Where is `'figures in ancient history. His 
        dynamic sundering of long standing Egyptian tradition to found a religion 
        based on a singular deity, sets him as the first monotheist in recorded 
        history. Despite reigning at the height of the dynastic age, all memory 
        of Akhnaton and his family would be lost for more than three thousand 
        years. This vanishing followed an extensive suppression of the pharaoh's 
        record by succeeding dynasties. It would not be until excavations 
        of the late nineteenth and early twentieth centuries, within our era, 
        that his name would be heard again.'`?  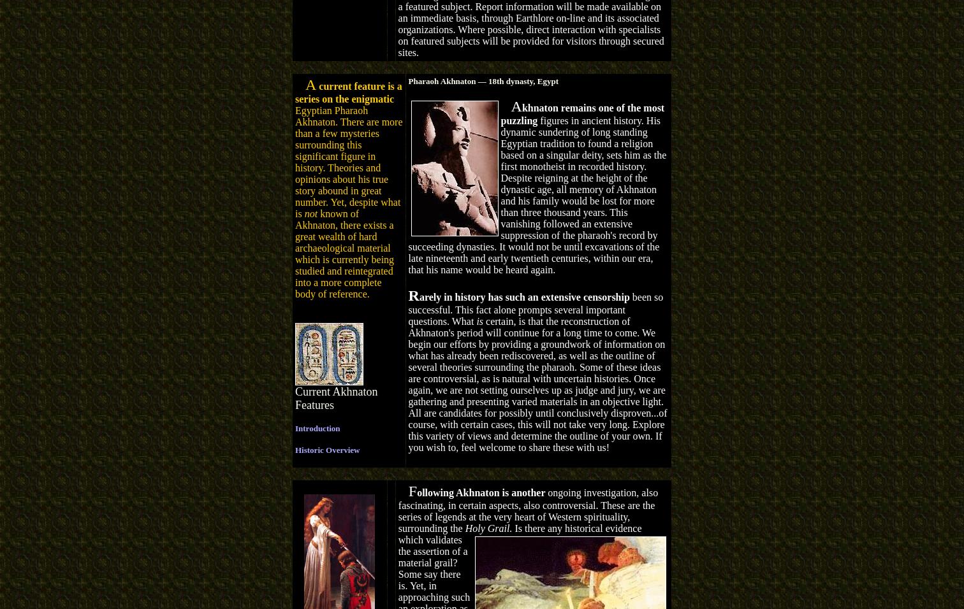 'figures in ancient history. His 
        dynamic sundering of long standing Egyptian tradition to found a religion 
        based on a singular deity, sets him as the first monotheist in recorded 
        history. Despite reigning at the height of the dynastic age, all memory 
        of Akhnaton and his family would be lost for more than three thousand 
        years. This vanishing followed an extensive suppression of the pharaoh's 
        record by succeeding dynasties. It would not be until excavations 
        of the late nineteenth and early twentieth centuries, within our era, 
        that his name would be heard again.' is located at coordinates (408, 194).